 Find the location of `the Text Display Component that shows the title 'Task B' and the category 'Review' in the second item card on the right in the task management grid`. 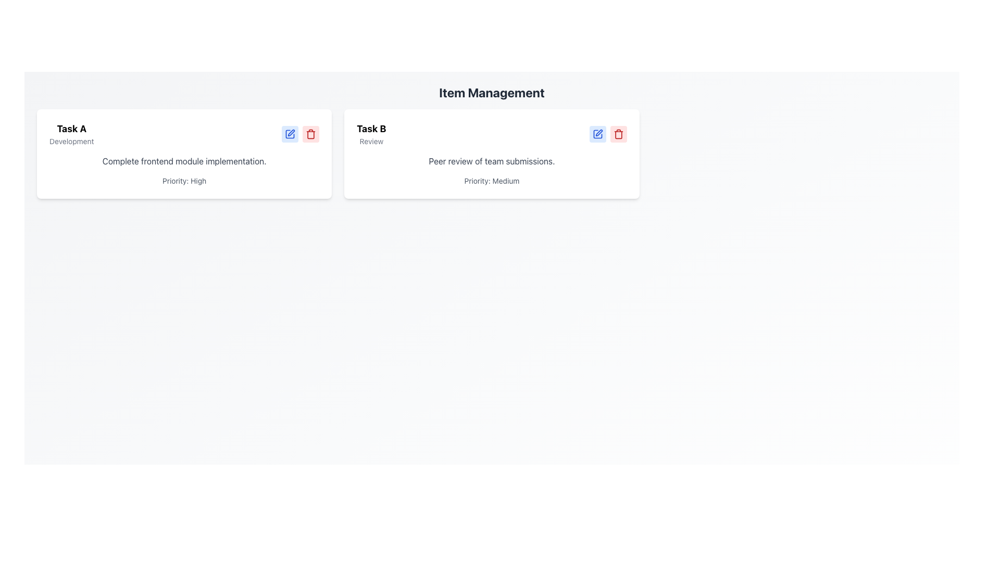

the Text Display Component that shows the title 'Task B' and the category 'Review' in the second item card on the right in the task management grid is located at coordinates (371, 134).